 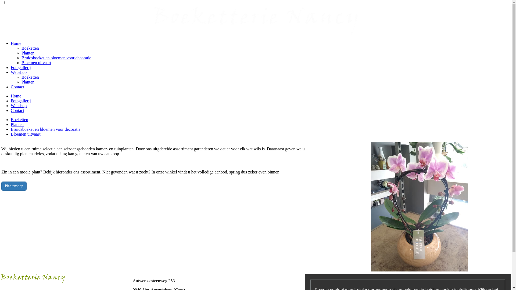 I want to click on 'Boeketten', so click(x=30, y=77).